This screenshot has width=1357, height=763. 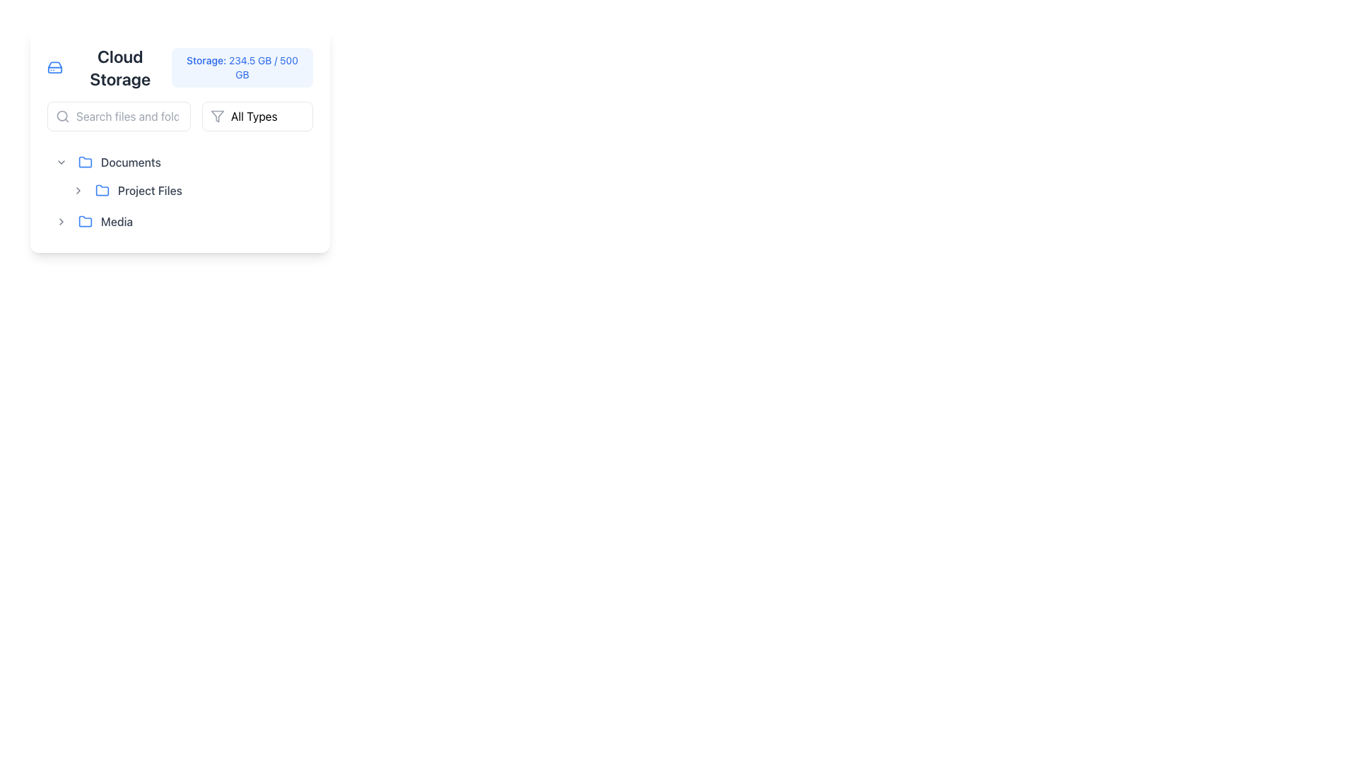 What do you see at coordinates (134, 191) in the screenshot?
I see `the 'Project Files' collapsible menu item located in the 'Documents' section of the 'Cloud Storage' panel` at bounding box center [134, 191].